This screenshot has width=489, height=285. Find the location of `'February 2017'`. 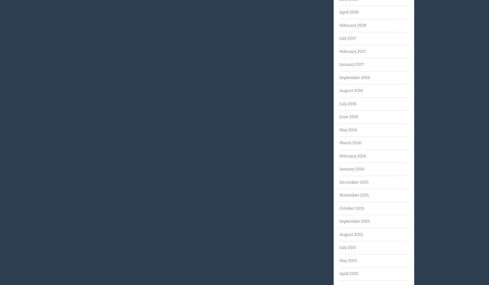

'February 2017' is located at coordinates (352, 51).